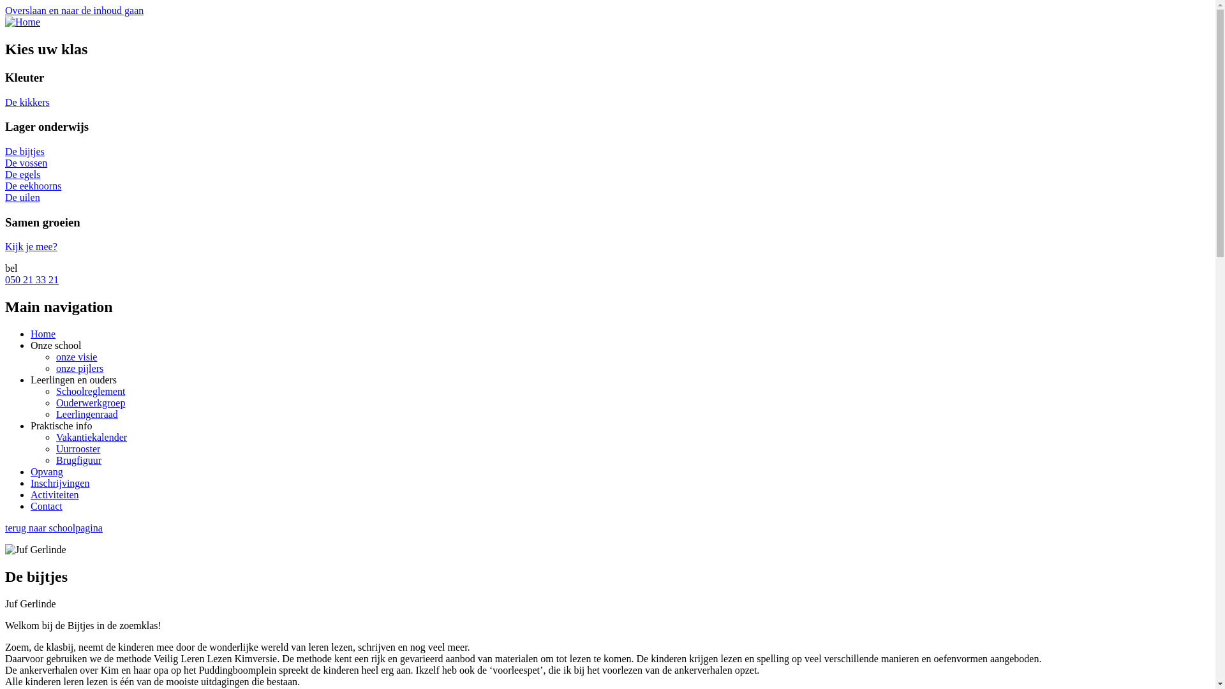  What do you see at coordinates (5, 528) in the screenshot?
I see `'terug naar schoolpagina'` at bounding box center [5, 528].